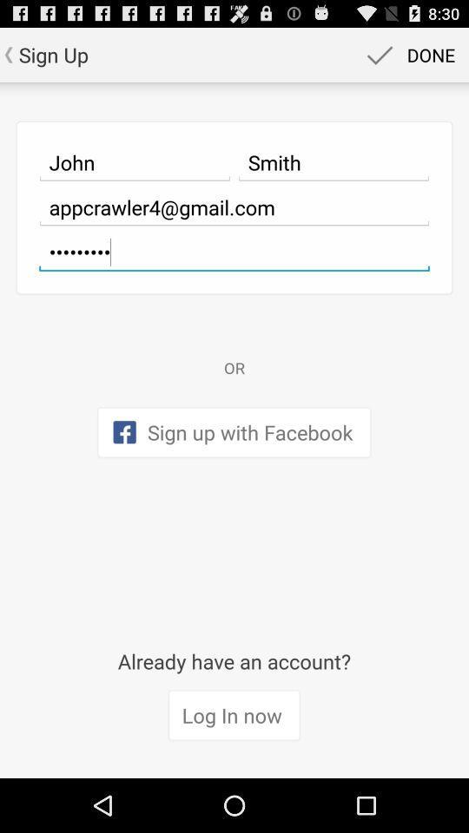 This screenshot has height=833, width=469. I want to click on smith item, so click(334, 162).